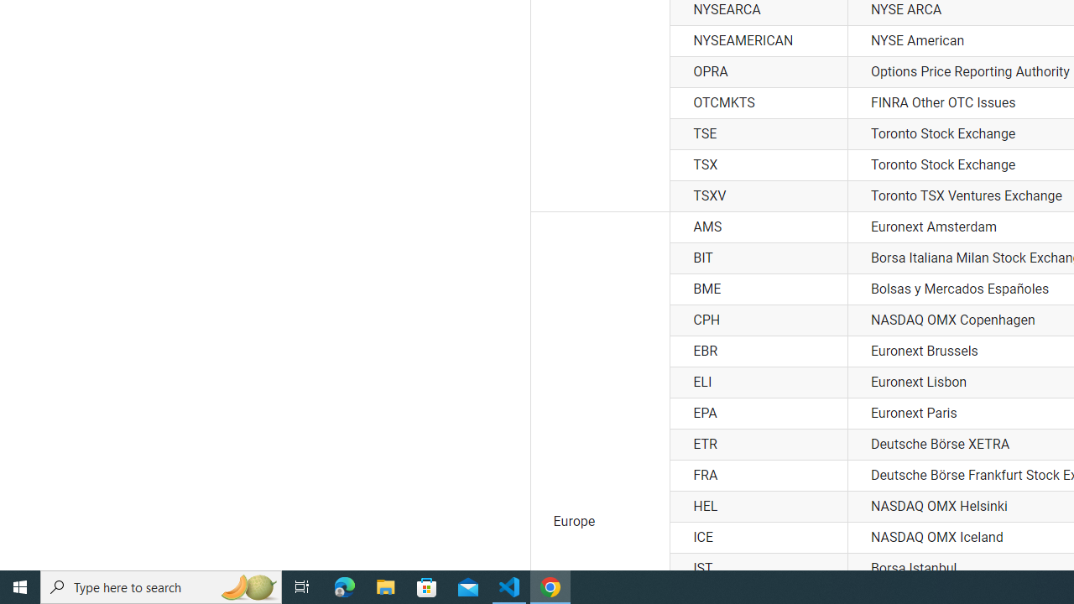  What do you see at coordinates (758, 39) in the screenshot?
I see `'NYSEAMERICAN'` at bounding box center [758, 39].